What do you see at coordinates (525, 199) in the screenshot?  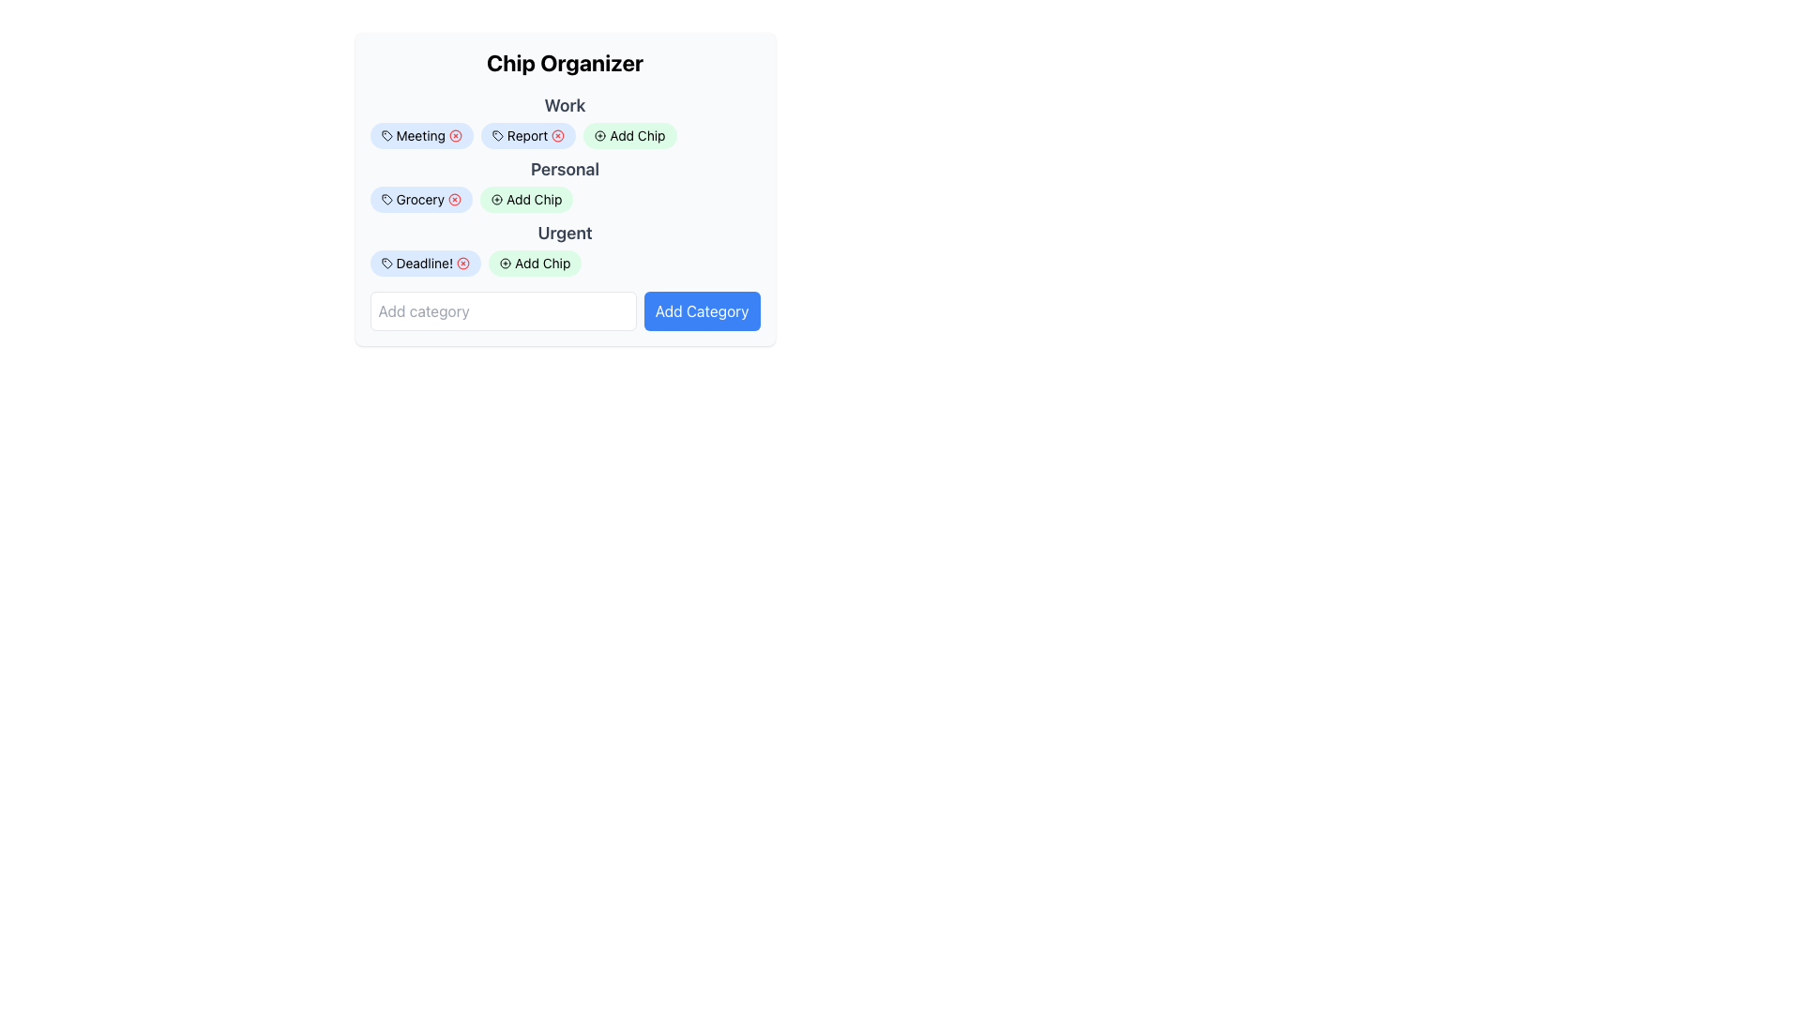 I see `the 'Add Chip' button with a green background and a plus icon, located` at bounding box center [525, 199].